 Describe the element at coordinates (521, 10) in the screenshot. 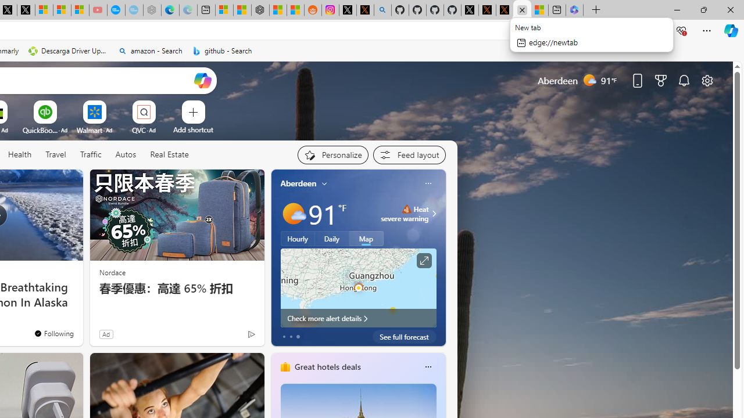

I see `'Close tab'` at that location.